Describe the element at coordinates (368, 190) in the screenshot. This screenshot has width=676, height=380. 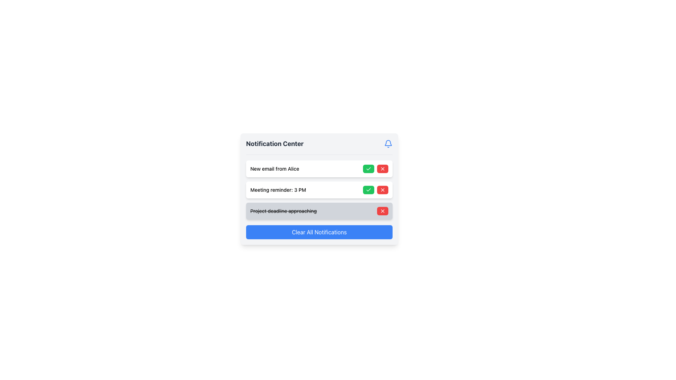
I see `the minimalistic checkmark icon with a green background and white stroke, positioned next to the 'Meeting reminder: 3 PM' notification, to confirm the notification` at that location.